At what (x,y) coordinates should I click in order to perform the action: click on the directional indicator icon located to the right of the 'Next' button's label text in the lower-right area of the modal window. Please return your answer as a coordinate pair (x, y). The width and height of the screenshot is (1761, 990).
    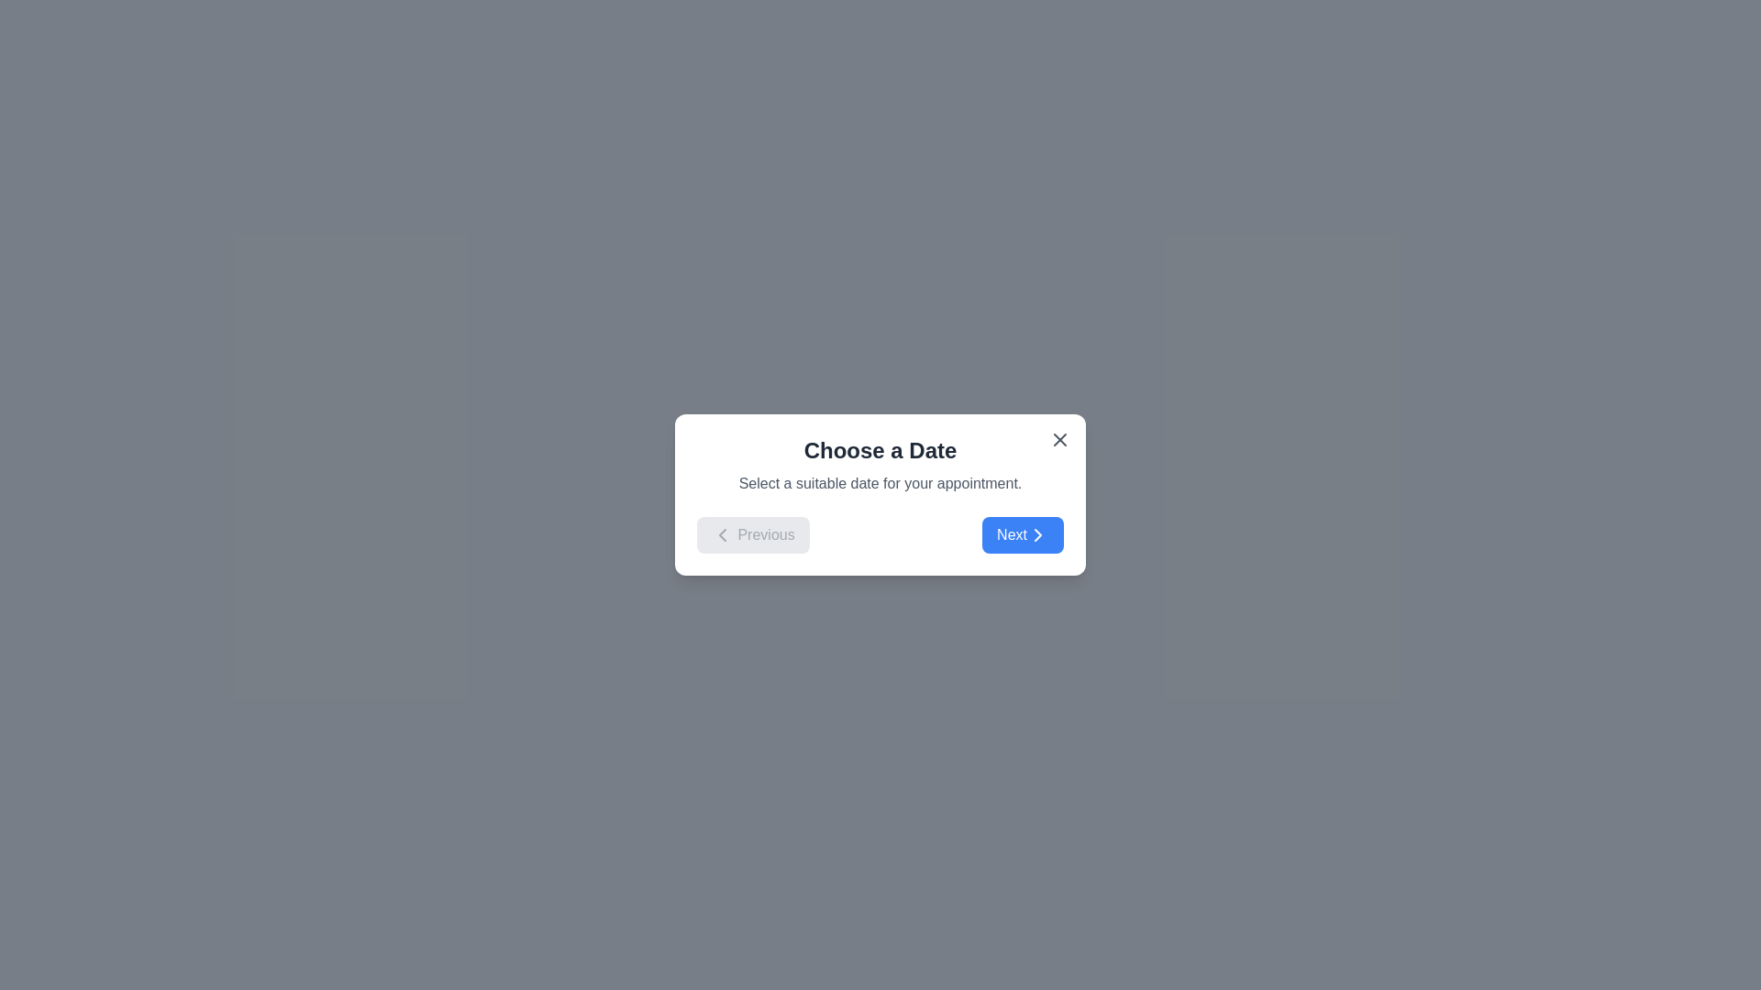
    Looking at the image, I should click on (1038, 534).